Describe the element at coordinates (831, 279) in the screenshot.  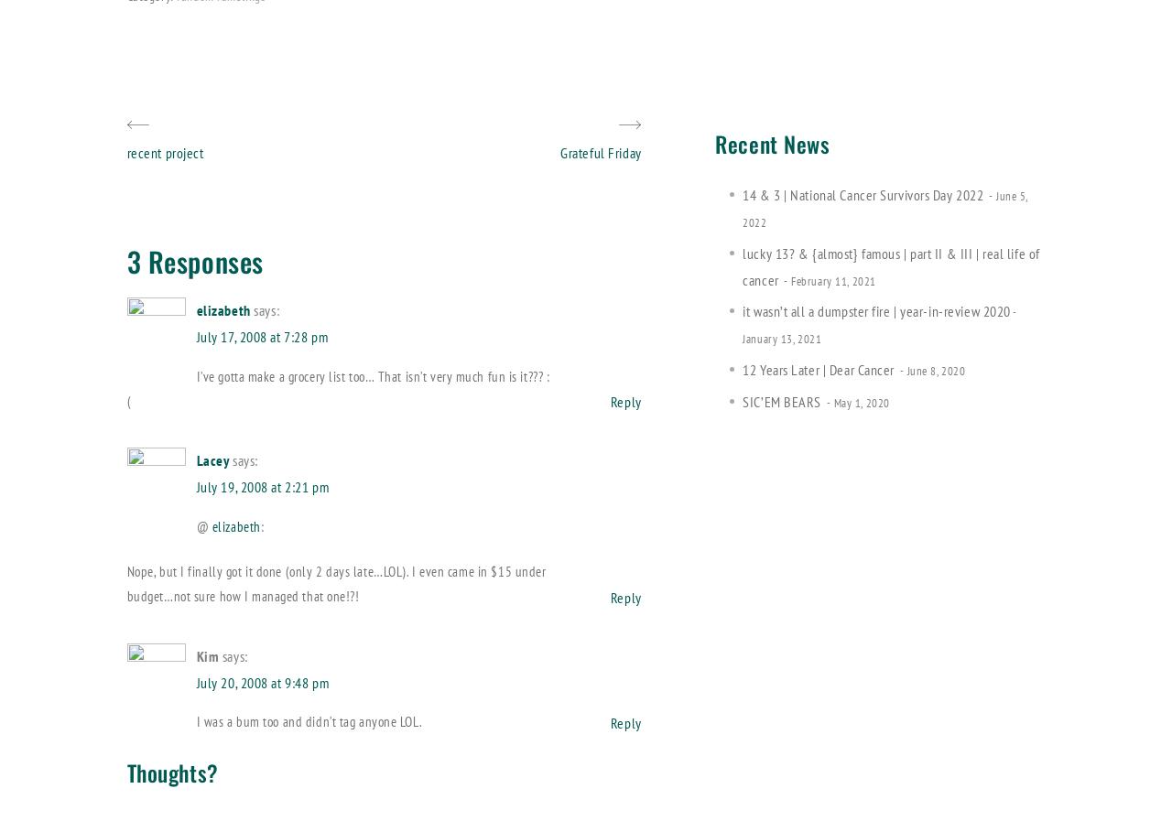
I see `'February 11, 2021'` at that location.